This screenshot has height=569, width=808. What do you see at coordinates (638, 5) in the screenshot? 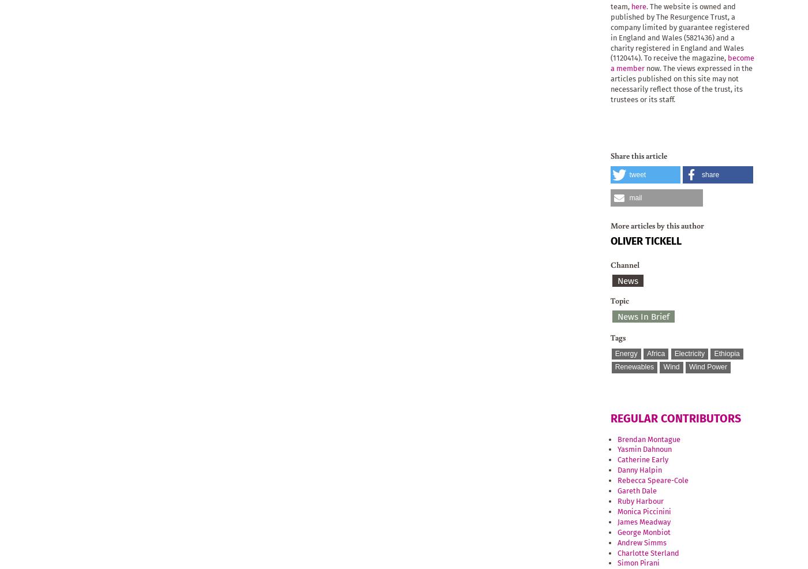
I see `'here'` at bounding box center [638, 5].